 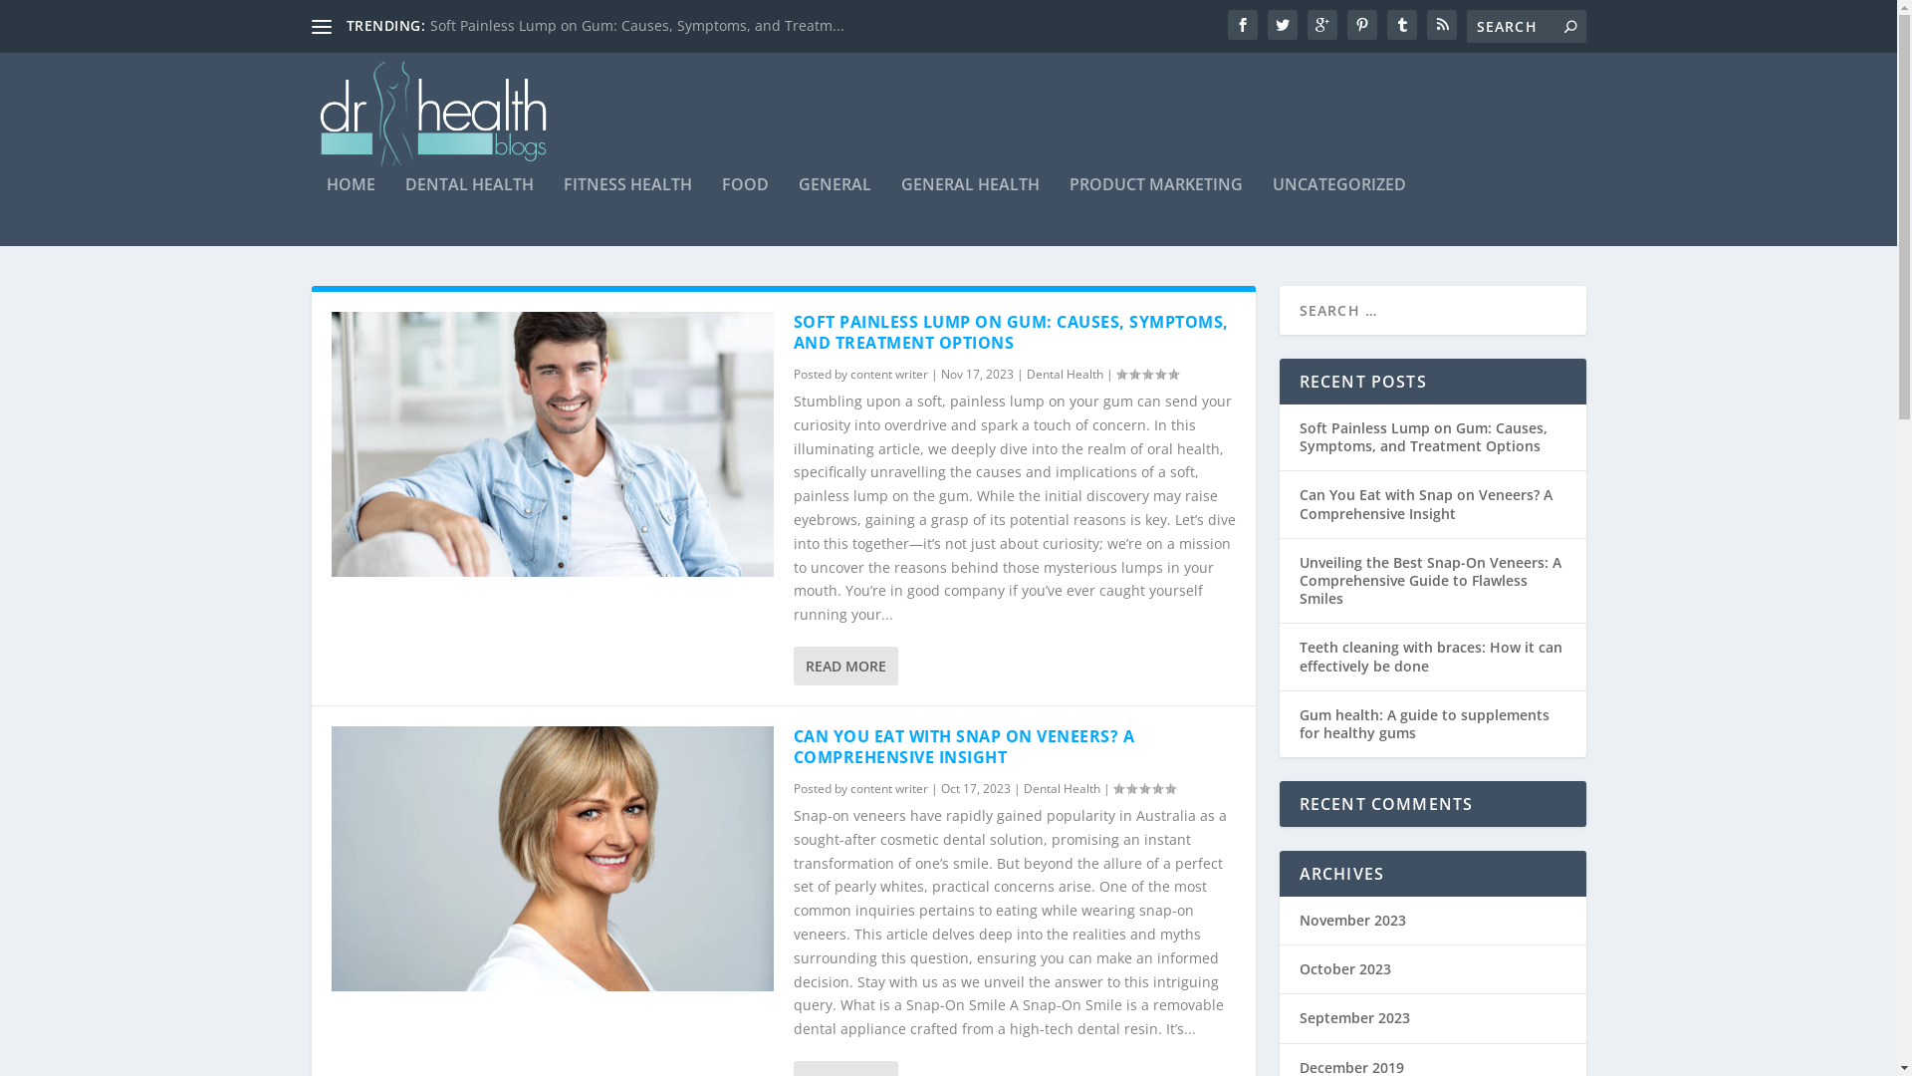 I want to click on 'FITNESS HEALTH', so click(x=626, y=211).